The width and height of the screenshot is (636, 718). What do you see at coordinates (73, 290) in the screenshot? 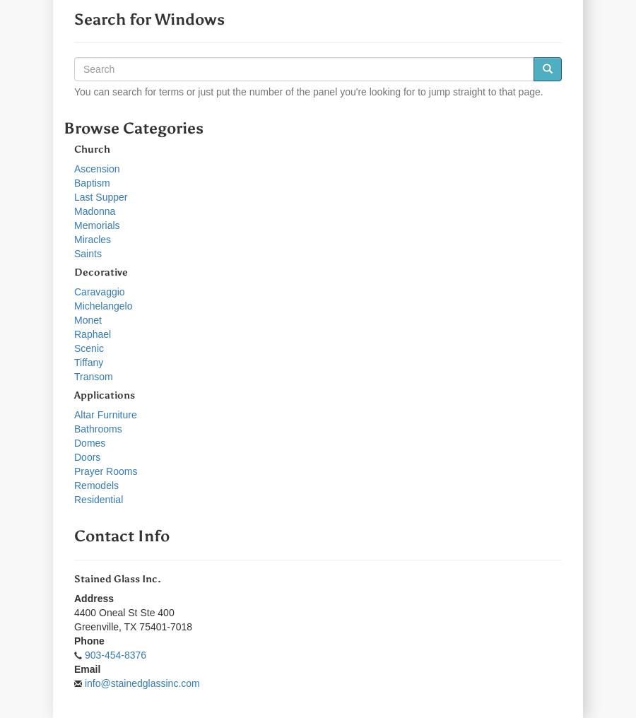
I see `'Caravaggio'` at bounding box center [73, 290].